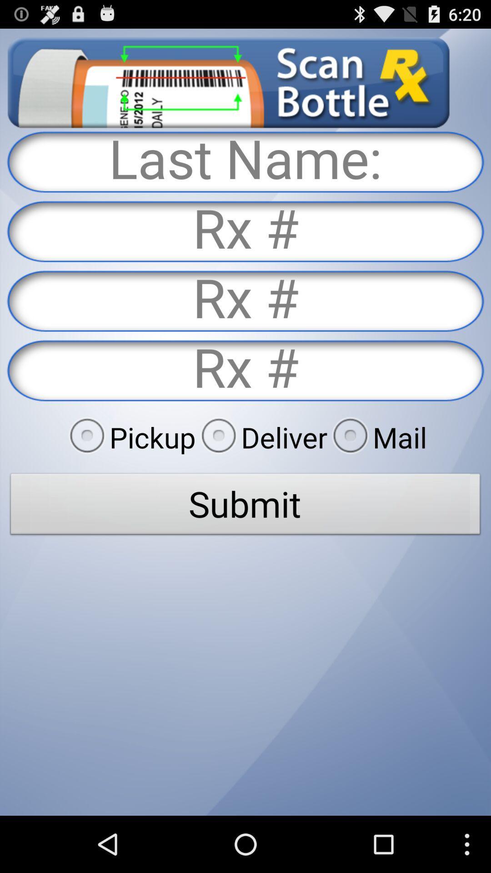  Describe the element at coordinates (261, 437) in the screenshot. I see `deliver` at that location.